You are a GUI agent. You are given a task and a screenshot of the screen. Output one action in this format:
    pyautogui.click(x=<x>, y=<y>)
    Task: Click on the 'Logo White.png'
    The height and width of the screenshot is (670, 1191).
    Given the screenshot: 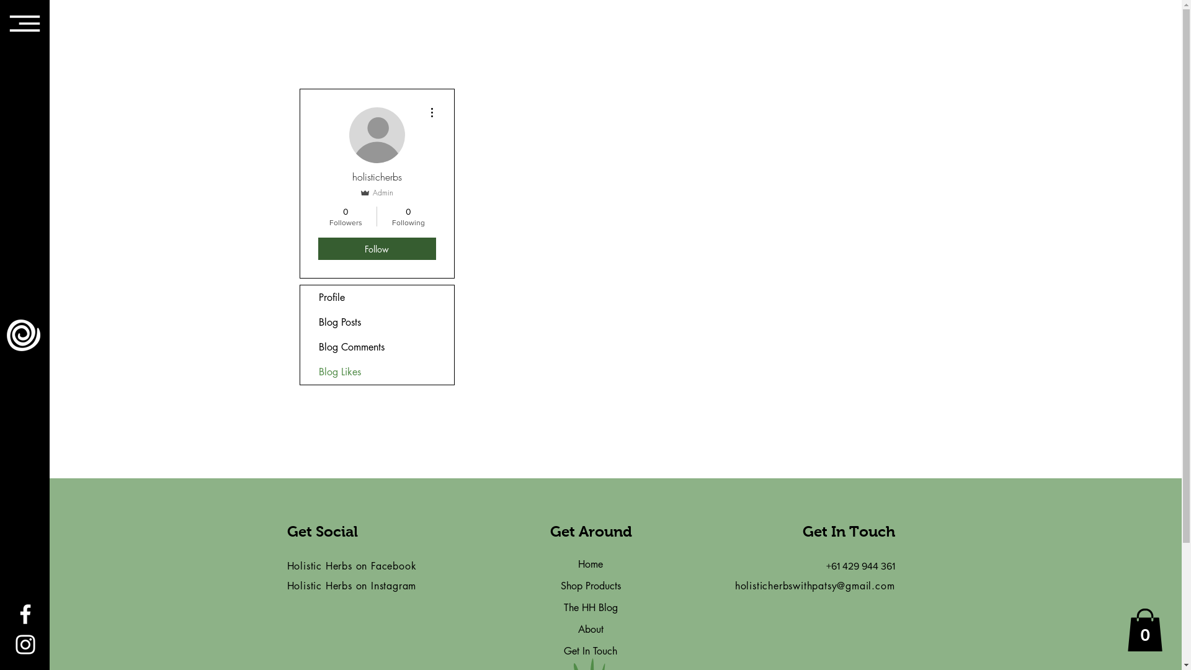 What is the action you would take?
    pyautogui.click(x=24, y=334)
    